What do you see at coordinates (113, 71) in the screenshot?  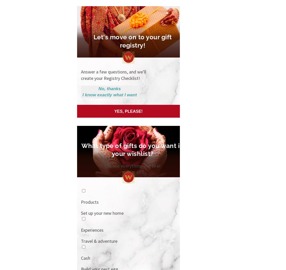 I see `'Answer a few questions, and we’ll'` at bounding box center [113, 71].